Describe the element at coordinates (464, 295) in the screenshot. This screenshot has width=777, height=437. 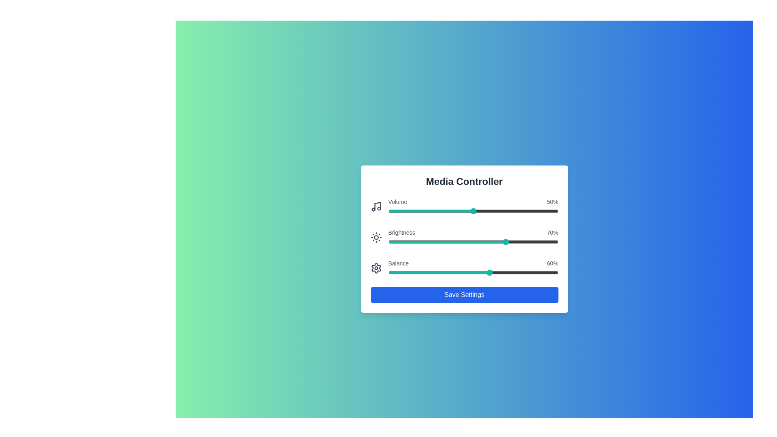
I see `'Save Settings' button to apply the changes` at that location.